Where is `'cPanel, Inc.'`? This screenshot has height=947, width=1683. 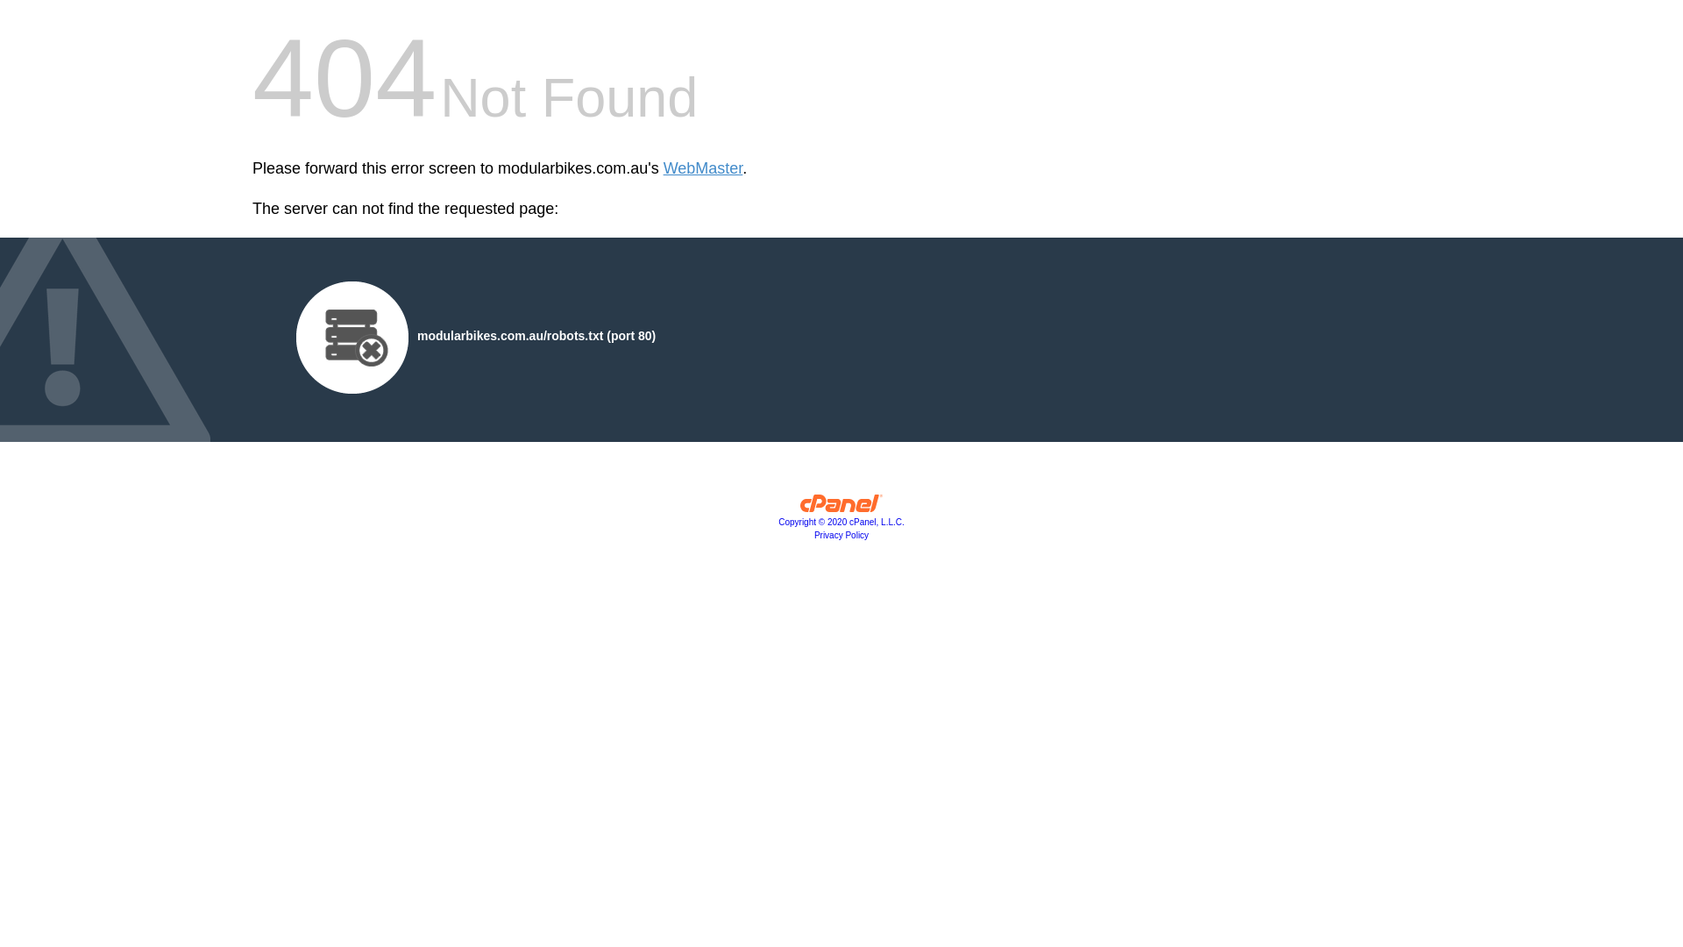 'cPanel, Inc.' is located at coordinates (841, 507).